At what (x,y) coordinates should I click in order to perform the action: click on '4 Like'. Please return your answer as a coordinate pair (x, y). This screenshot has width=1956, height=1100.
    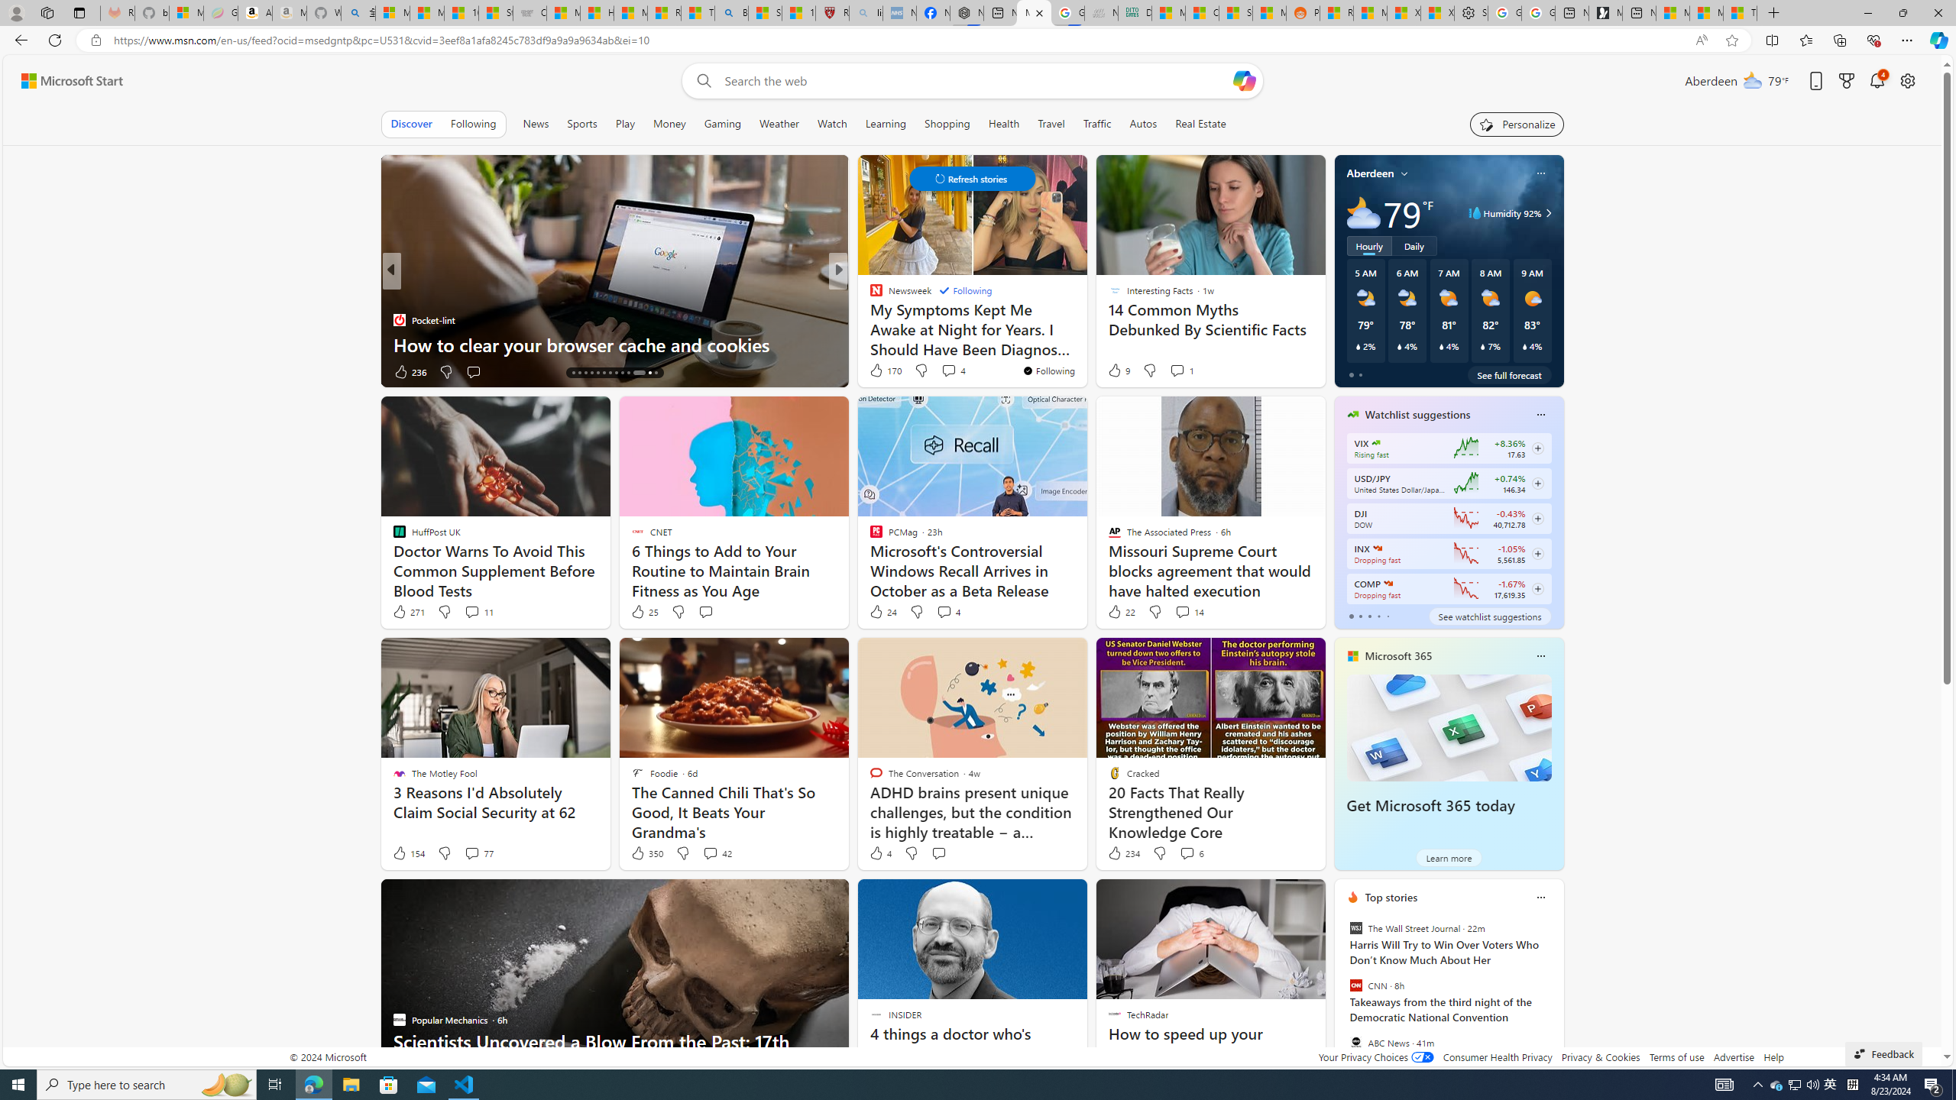
    Looking at the image, I should click on (879, 852).